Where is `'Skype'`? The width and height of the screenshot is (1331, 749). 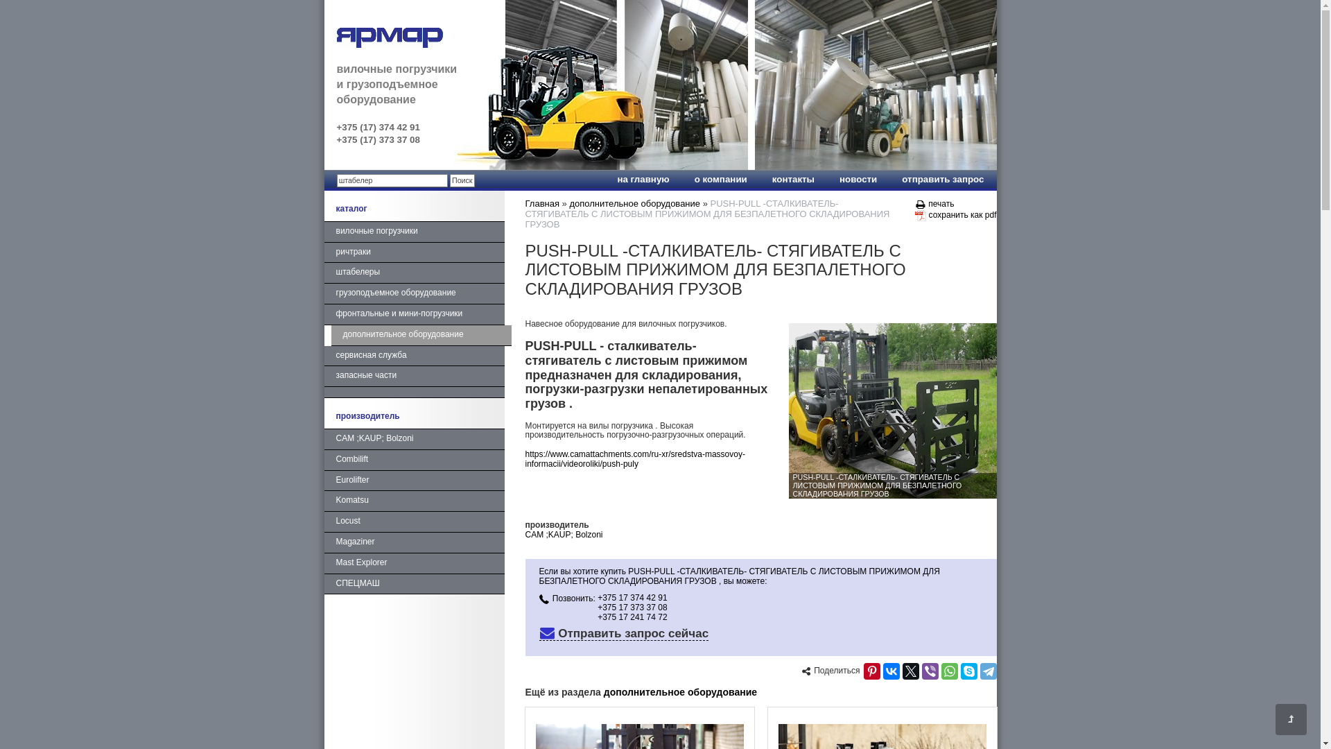
'Skype' is located at coordinates (968, 671).